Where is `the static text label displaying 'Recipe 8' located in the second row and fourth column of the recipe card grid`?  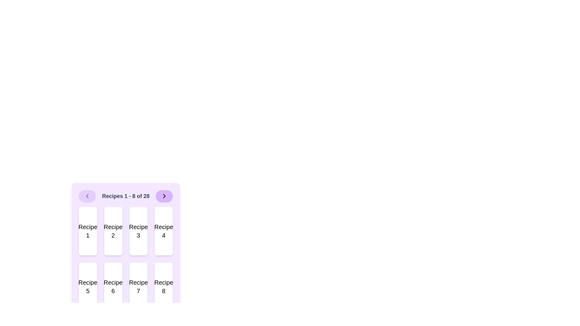 the static text label displaying 'Recipe 8' located in the second row and fourth column of the recipe card grid is located at coordinates (164, 286).